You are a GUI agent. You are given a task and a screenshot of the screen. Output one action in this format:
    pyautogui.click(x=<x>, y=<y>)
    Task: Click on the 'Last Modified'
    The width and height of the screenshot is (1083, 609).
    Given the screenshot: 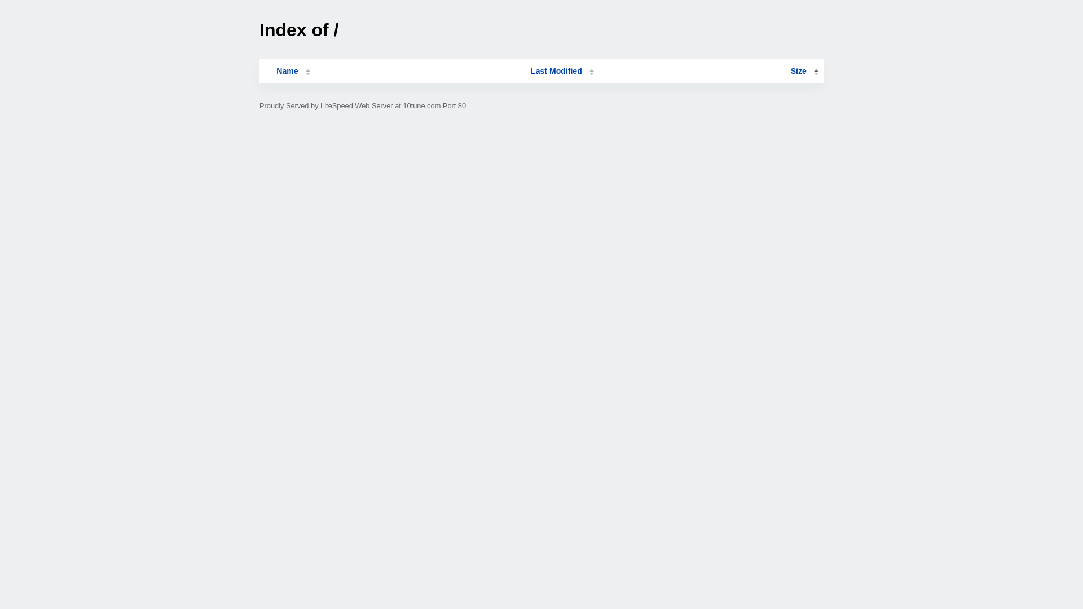 What is the action you would take?
    pyautogui.click(x=562, y=71)
    